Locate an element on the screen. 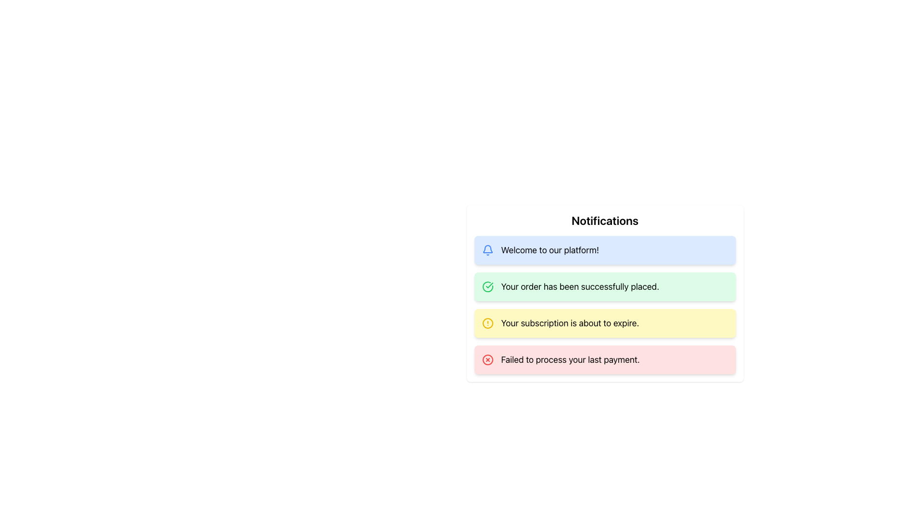  subscription expiration notification message, which is the third in a vertical list of notifications, positioned between a green notification confirming an order and a red notification indicating a payment failure is located at coordinates (604, 323).